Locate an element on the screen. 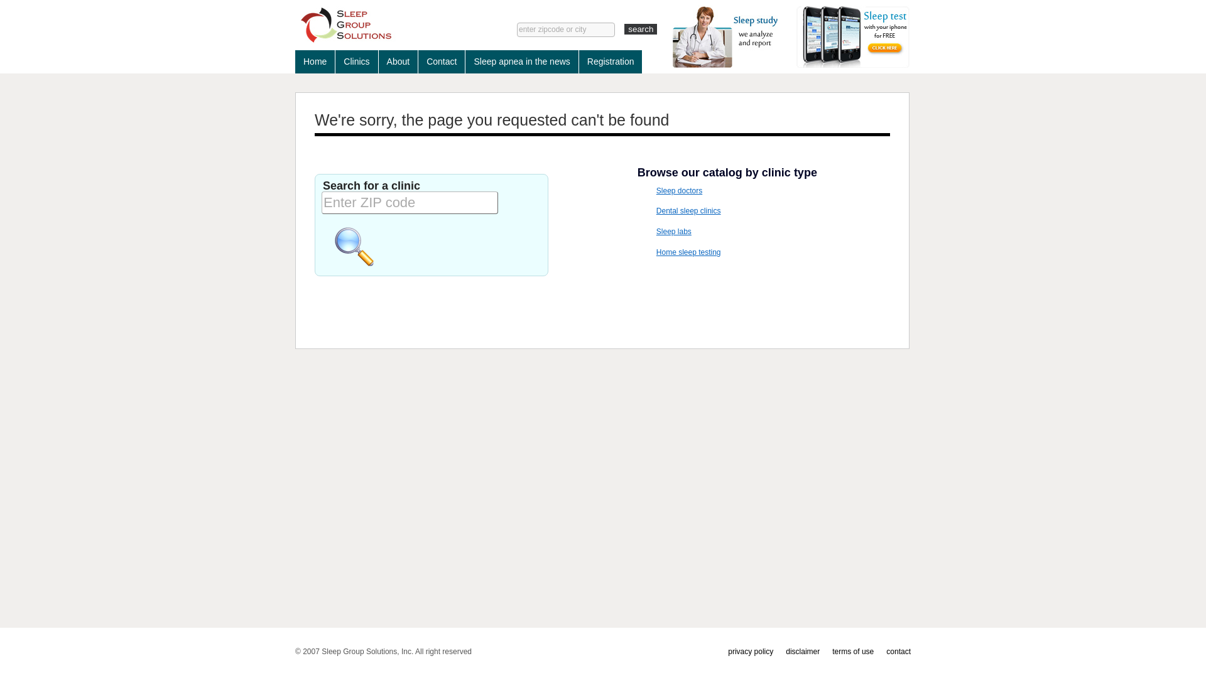 The image size is (1206, 678). 'Registration' is located at coordinates (611, 62).